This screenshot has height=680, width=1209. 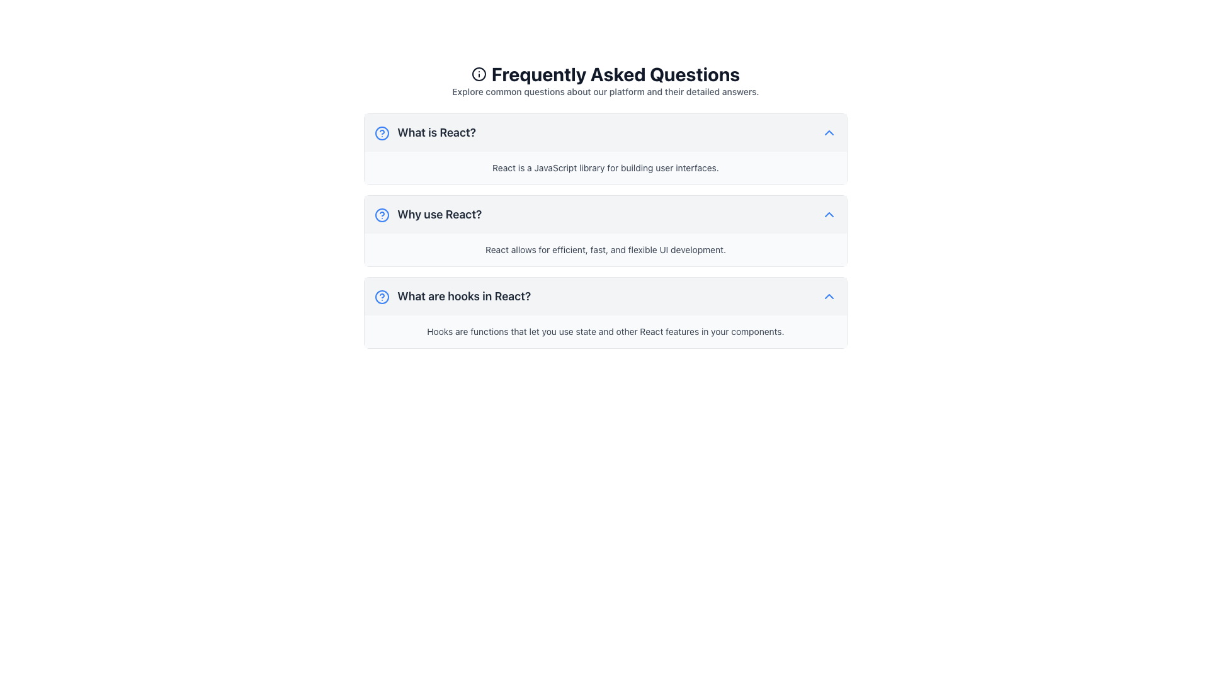 What do you see at coordinates (605, 167) in the screenshot?
I see `text from the rectangular Text block with a light gray background that contains the text 'React is a JavaScript library for building user interfaces.'` at bounding box center [605, 167].